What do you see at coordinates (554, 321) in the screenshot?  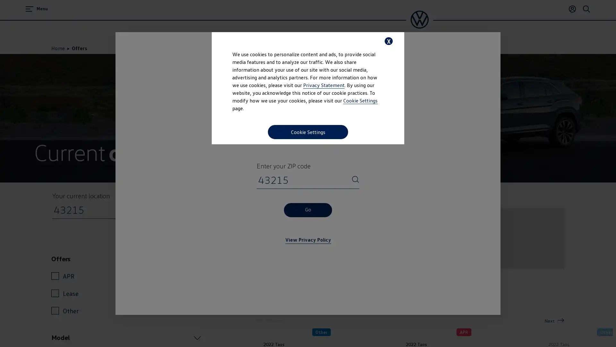 I see `Next` at bounding box center [554, 321].